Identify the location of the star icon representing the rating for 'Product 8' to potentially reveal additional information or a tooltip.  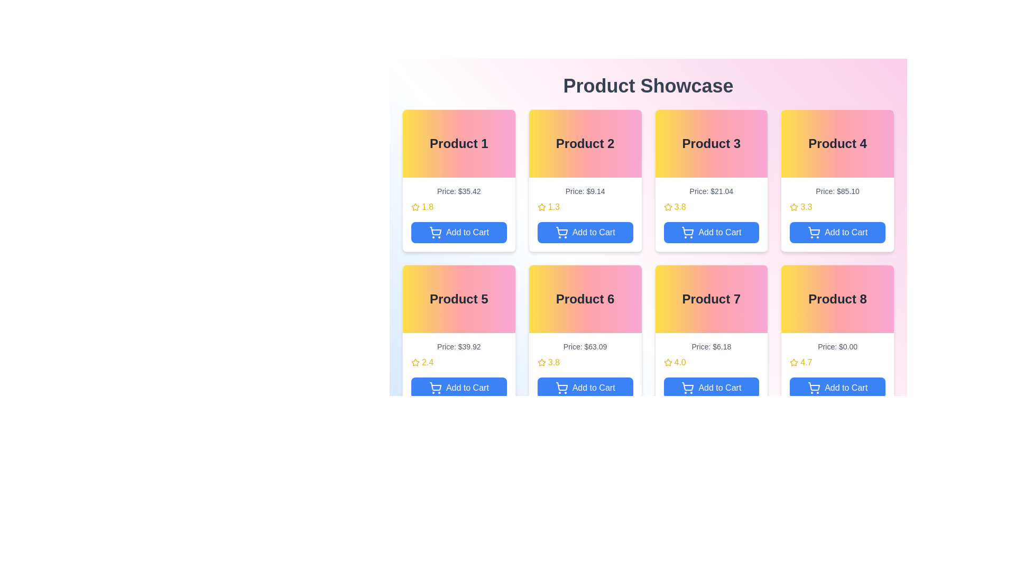
(794, 362).